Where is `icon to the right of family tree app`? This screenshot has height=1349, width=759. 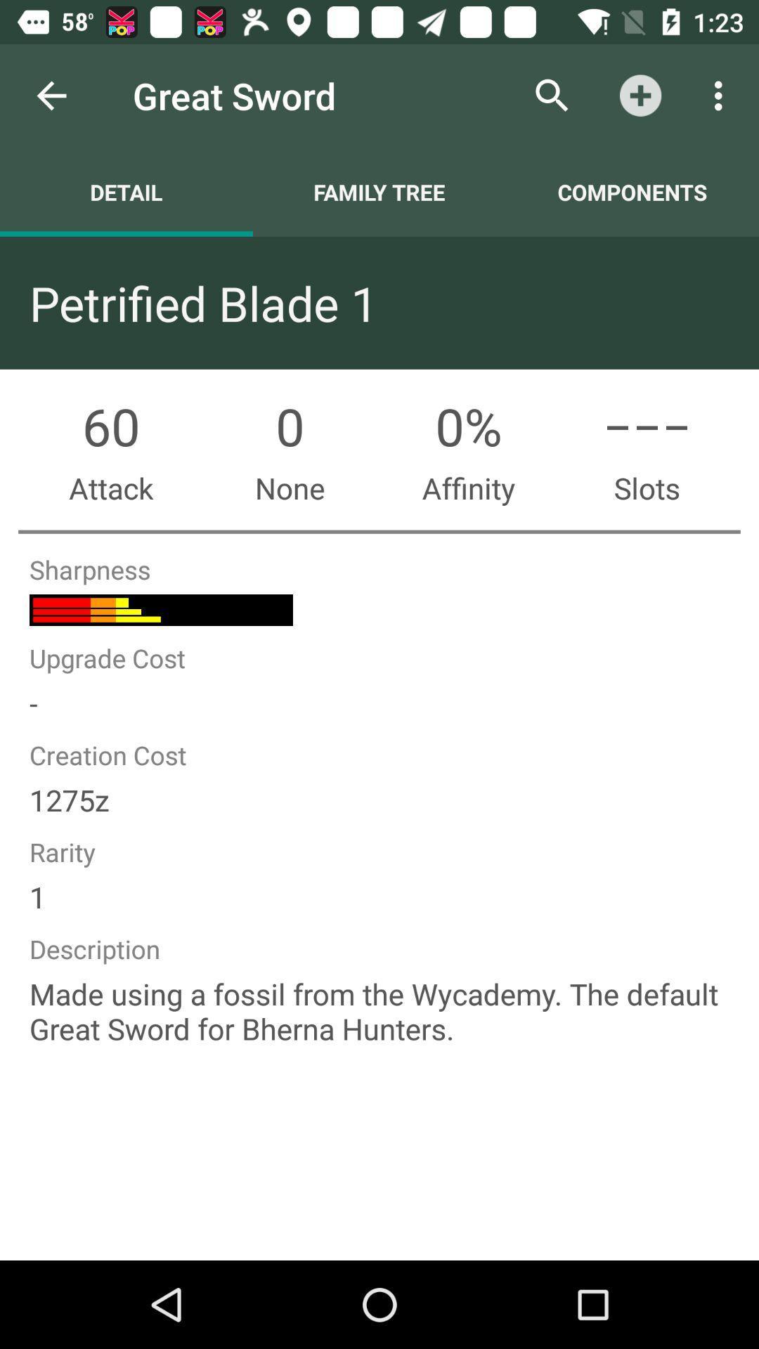 icon to the right of family tree app is located at coordinates (552, 95).